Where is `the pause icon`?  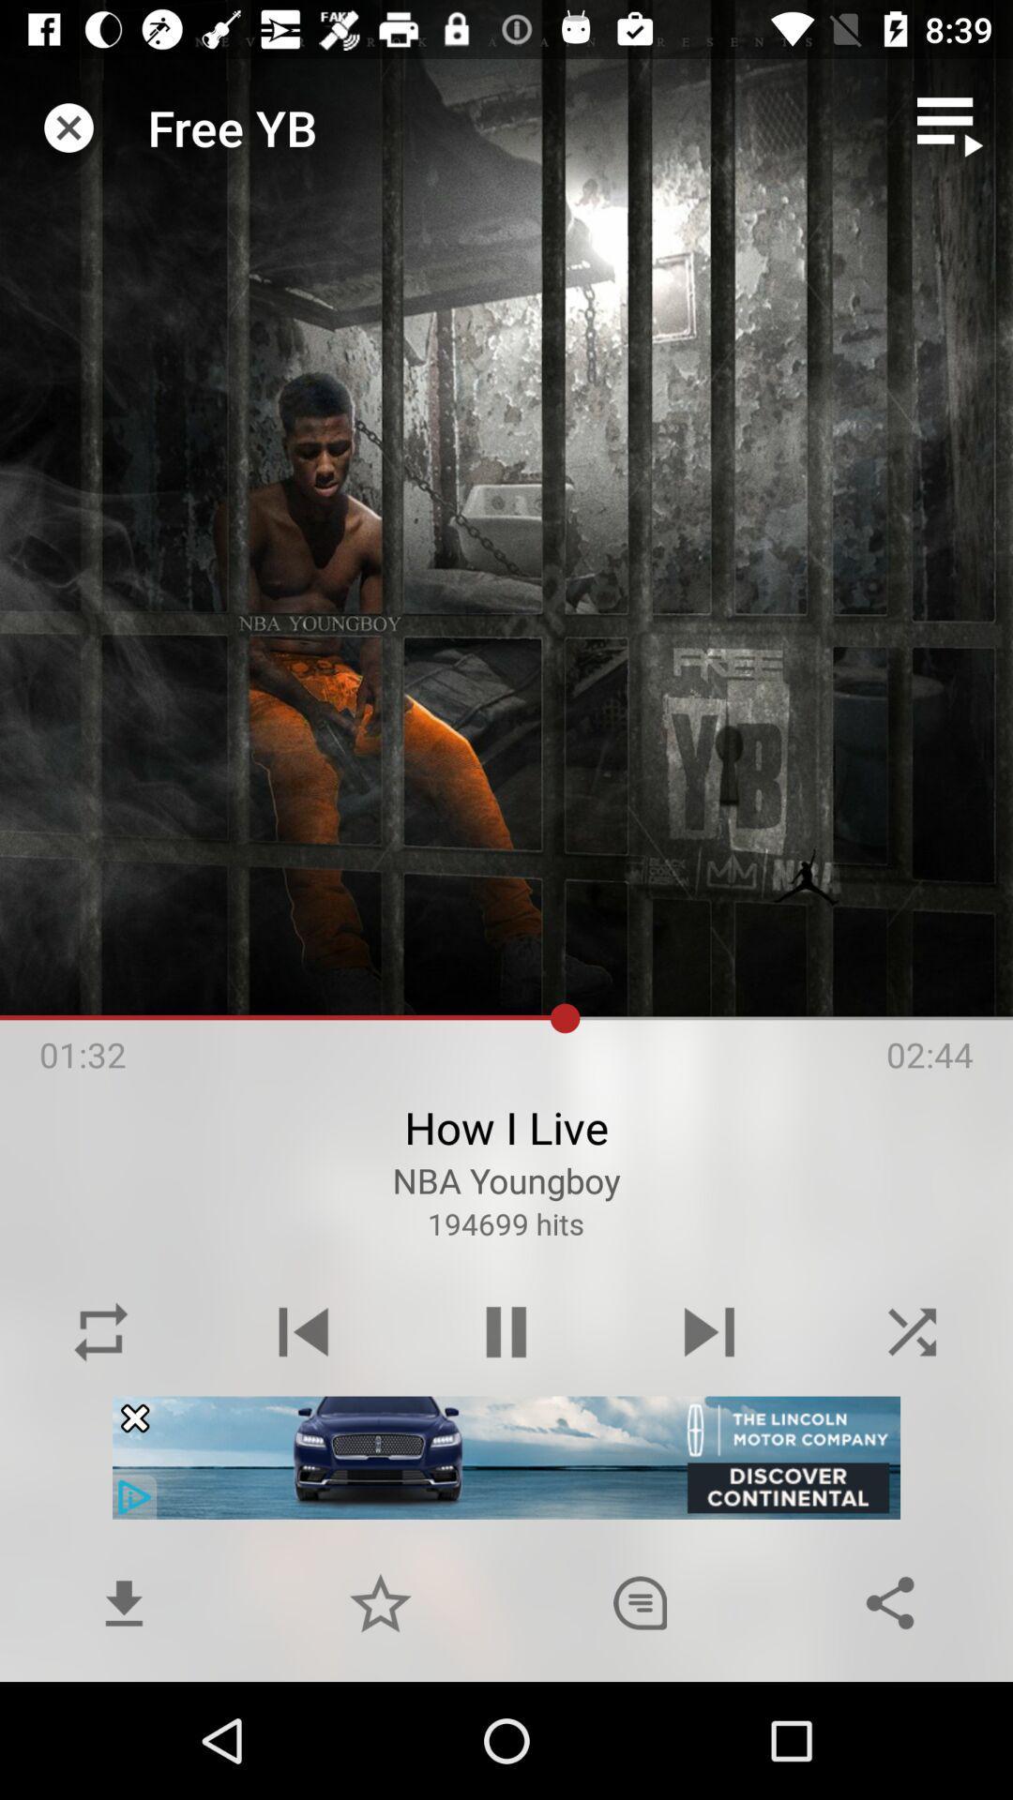
the pause icon is located at coordinates (506, 1331).